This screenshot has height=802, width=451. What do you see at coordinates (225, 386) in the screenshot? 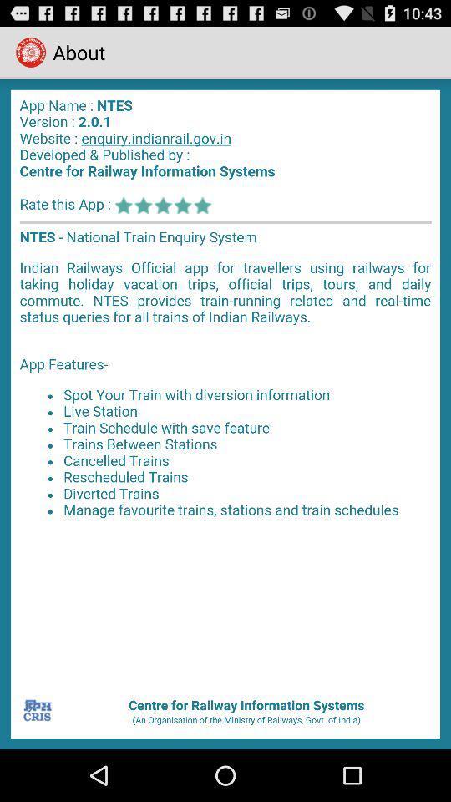
I see `app about page` at bounding box center [225, 386].